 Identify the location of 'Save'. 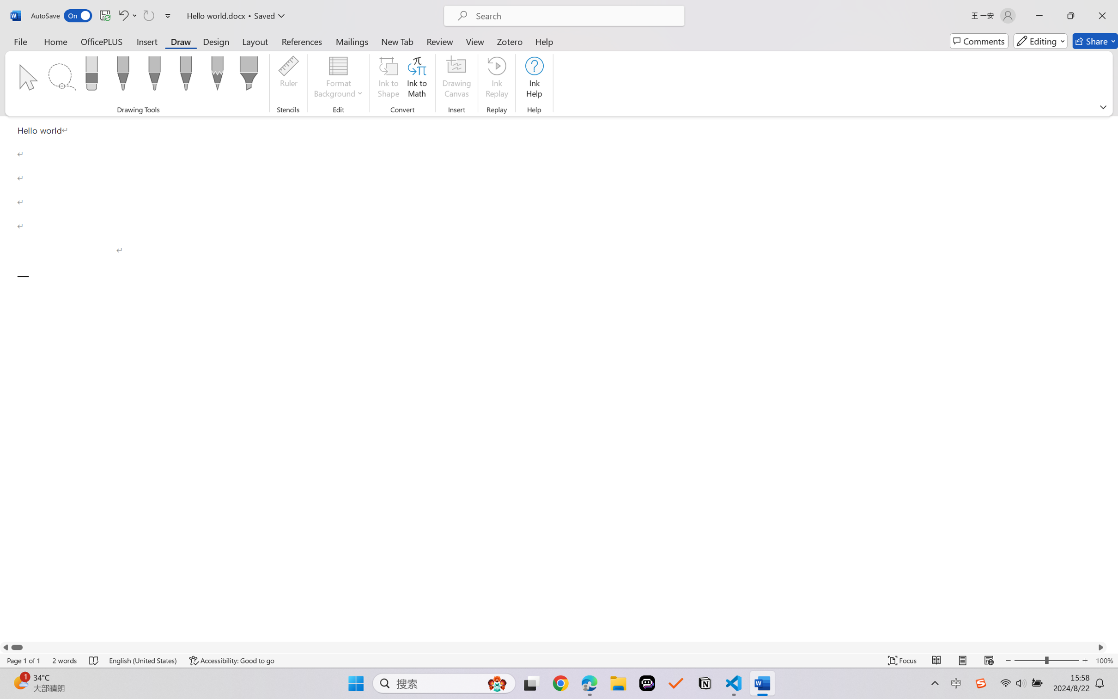
(104, 15).